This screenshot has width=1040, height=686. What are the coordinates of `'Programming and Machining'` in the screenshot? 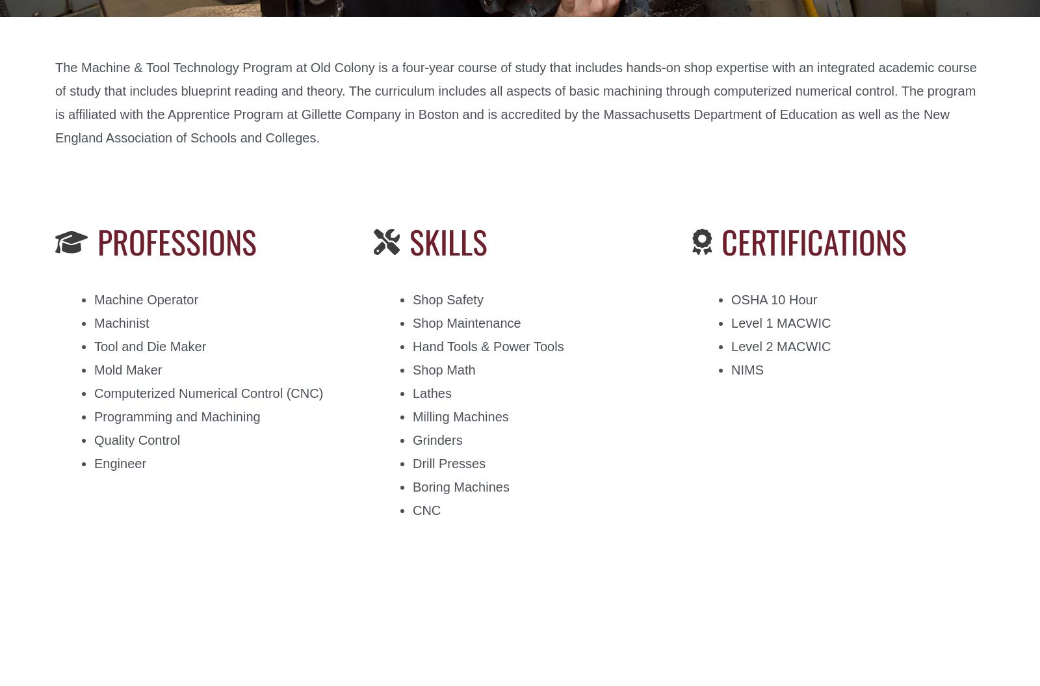 It's located at (177, 417).